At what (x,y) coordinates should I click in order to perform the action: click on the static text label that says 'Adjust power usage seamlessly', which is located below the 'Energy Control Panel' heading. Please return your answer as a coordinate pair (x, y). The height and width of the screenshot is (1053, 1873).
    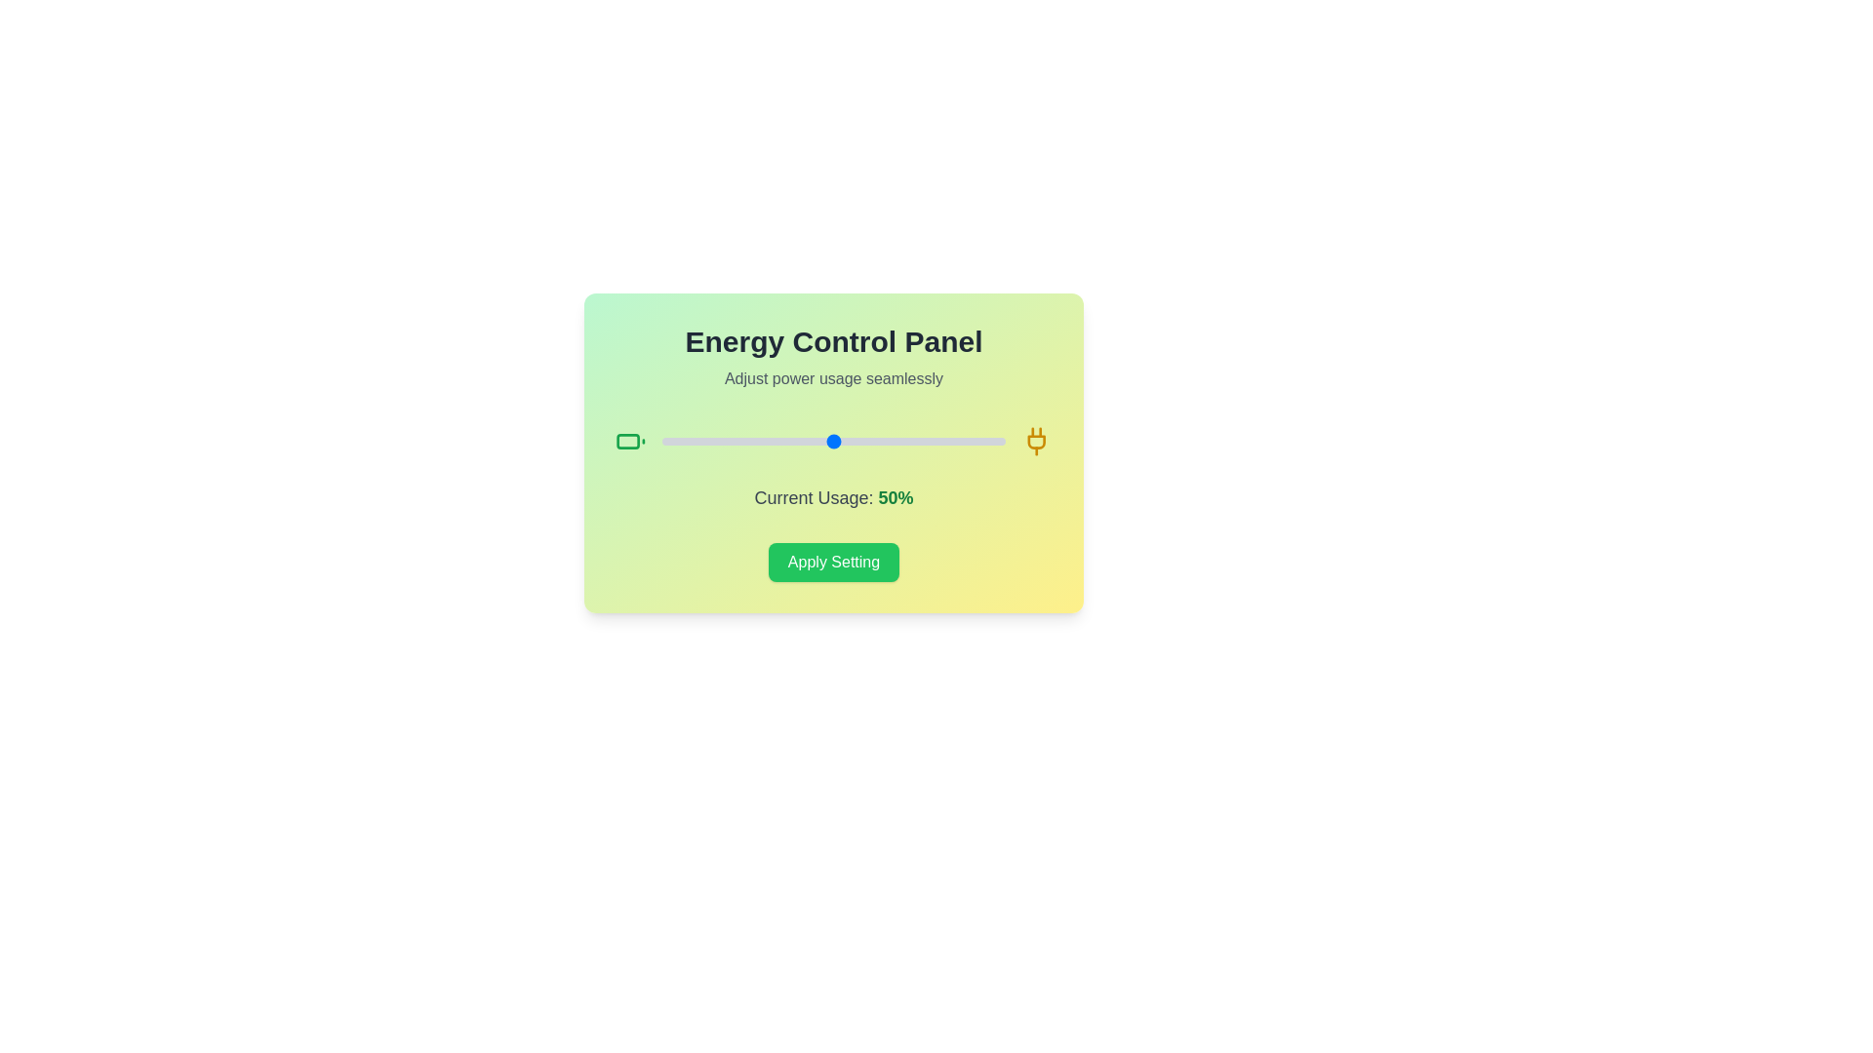
    Looking at the image, I should click on (833, 379).